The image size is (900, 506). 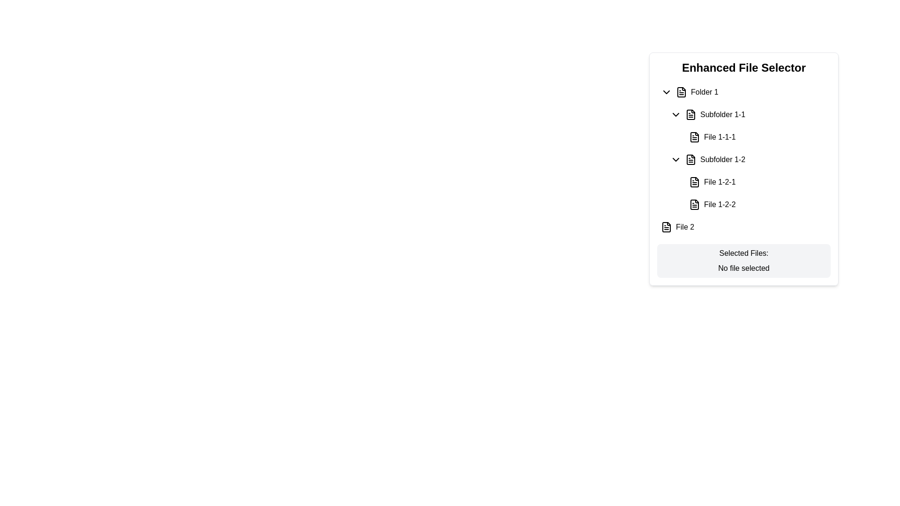 What do you see at coordinates (743, 148) in the screenshot?
I see `the item` at bounding box center [743, 148].